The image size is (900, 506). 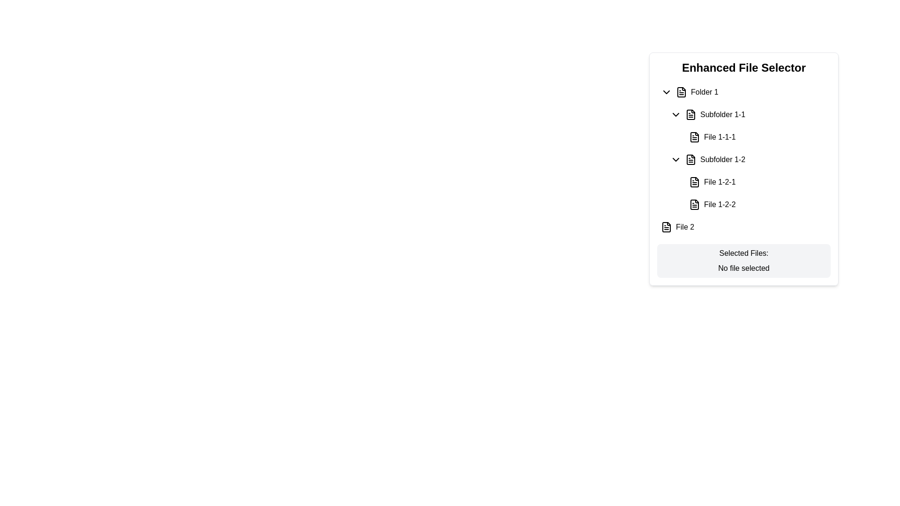 What do you see at coordinates (743, 148) in the screenshot?
I see `the item` at bounding box center [743, 148].